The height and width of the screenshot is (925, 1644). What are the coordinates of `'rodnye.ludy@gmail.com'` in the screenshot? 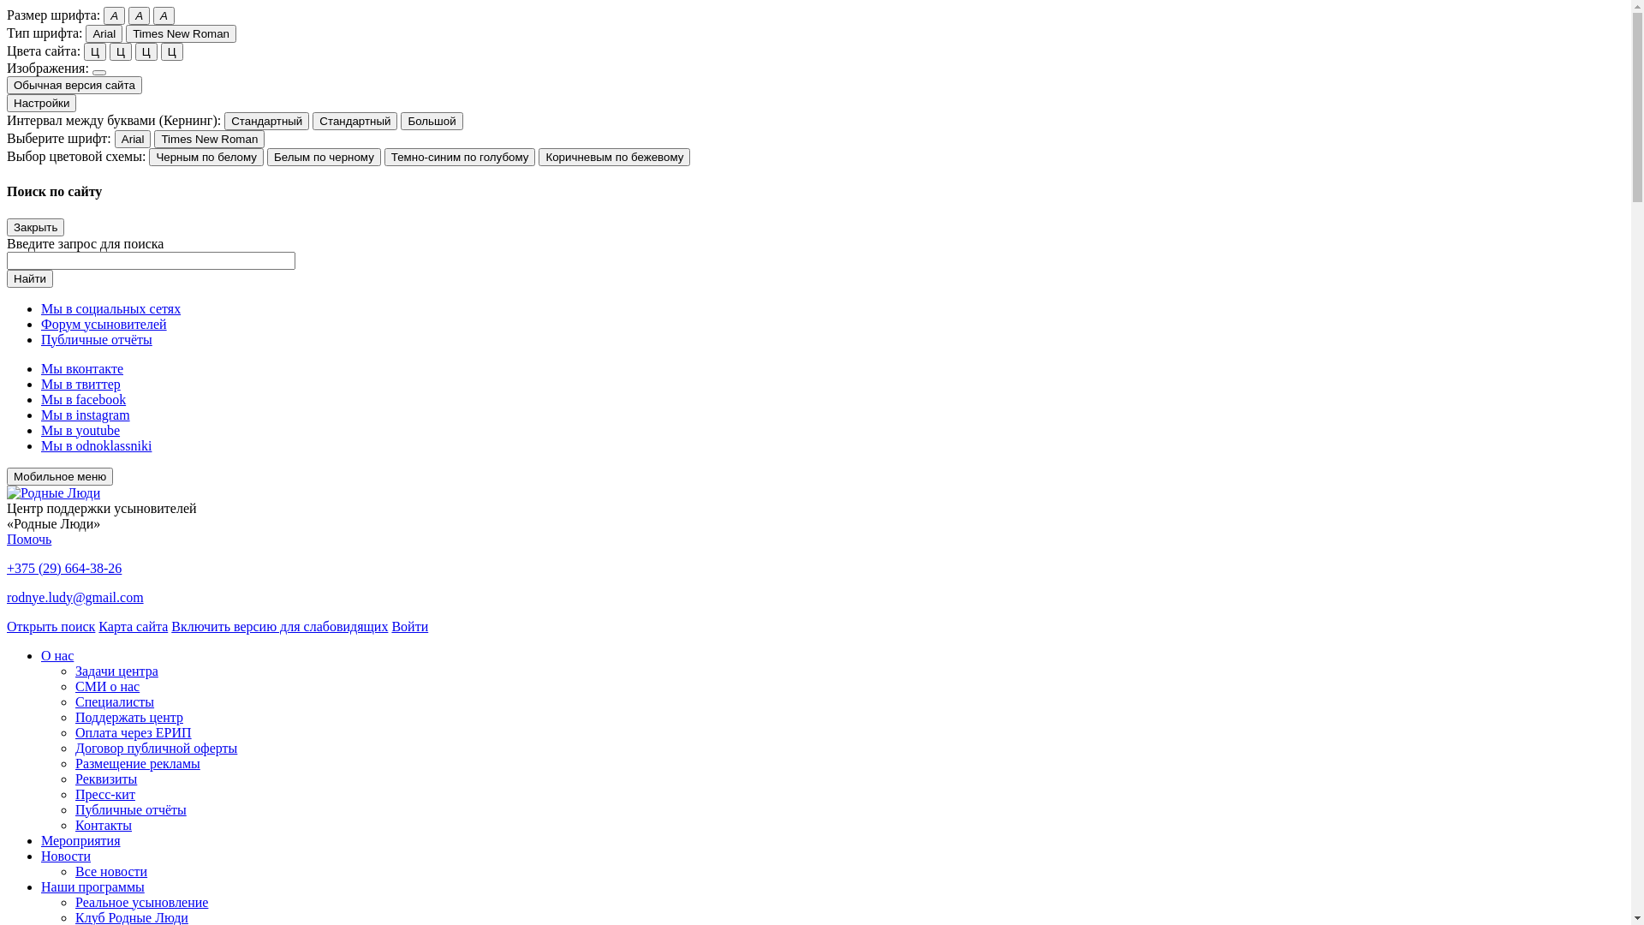 It's located at (74, 596).